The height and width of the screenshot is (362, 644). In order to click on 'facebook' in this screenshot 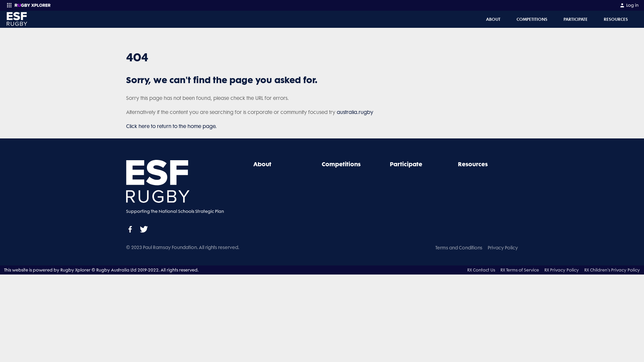, I will do `click(130, 229)`.